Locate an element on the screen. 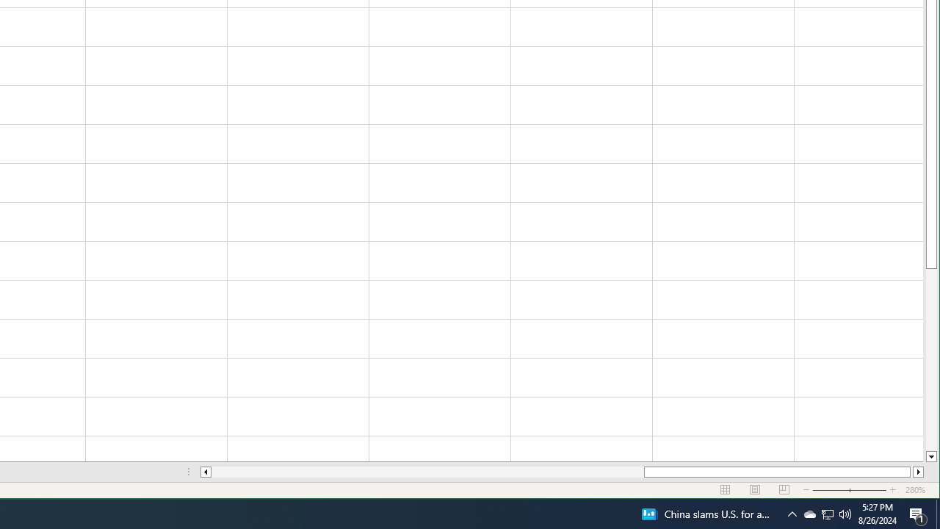 Image resolution: width=940 pixels, height=529 pixels. 'Line down' is located at coordinates (930, 456).